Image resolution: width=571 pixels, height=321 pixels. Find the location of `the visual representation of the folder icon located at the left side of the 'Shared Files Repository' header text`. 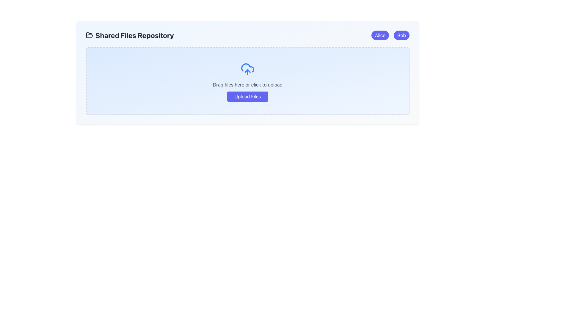

the visual representation of the folder icon located at the left side of the 'Shared Files Repository' header text is located at coordinates (89, 35).